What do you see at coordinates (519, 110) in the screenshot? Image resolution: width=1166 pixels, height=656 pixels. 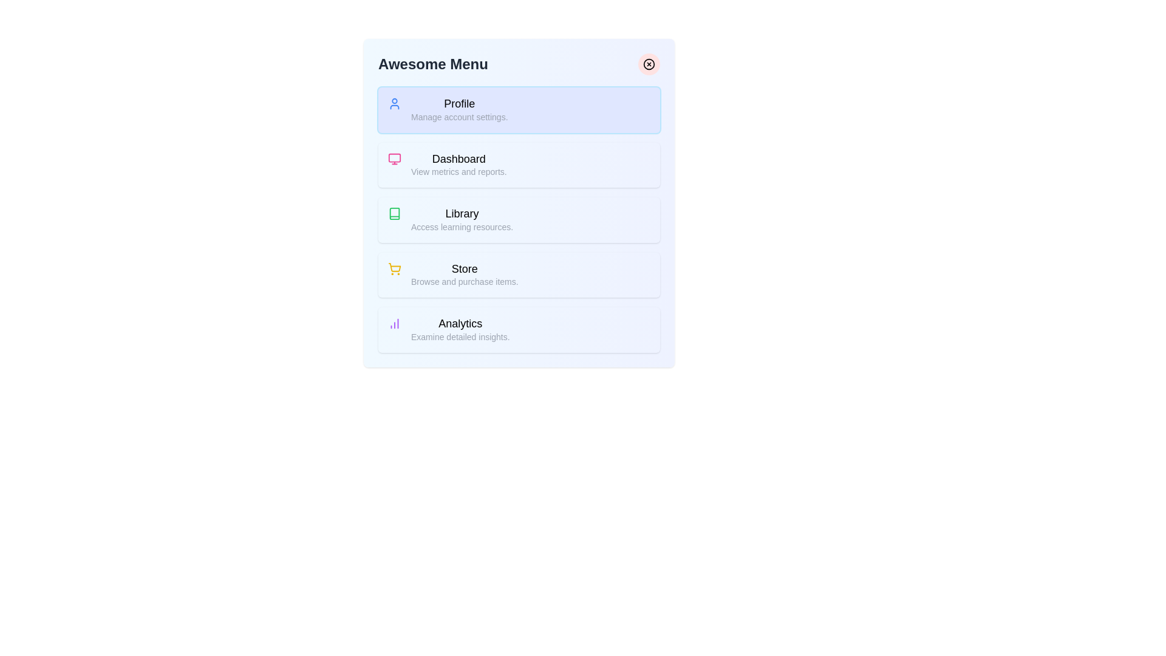 I see `the menu item labeled Profile` at bounding box center [519, 110].